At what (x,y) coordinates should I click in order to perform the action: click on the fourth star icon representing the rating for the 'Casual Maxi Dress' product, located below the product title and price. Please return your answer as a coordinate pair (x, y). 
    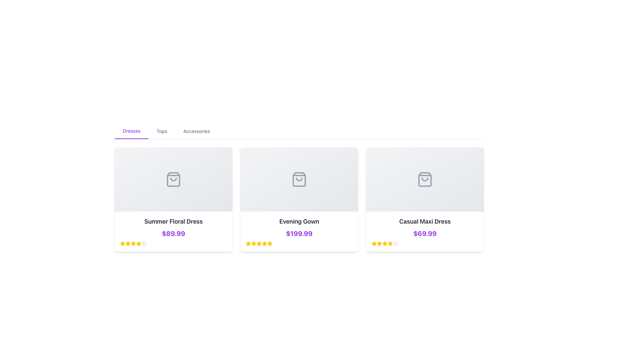
    Looking at the image, I should click on (385, 244).